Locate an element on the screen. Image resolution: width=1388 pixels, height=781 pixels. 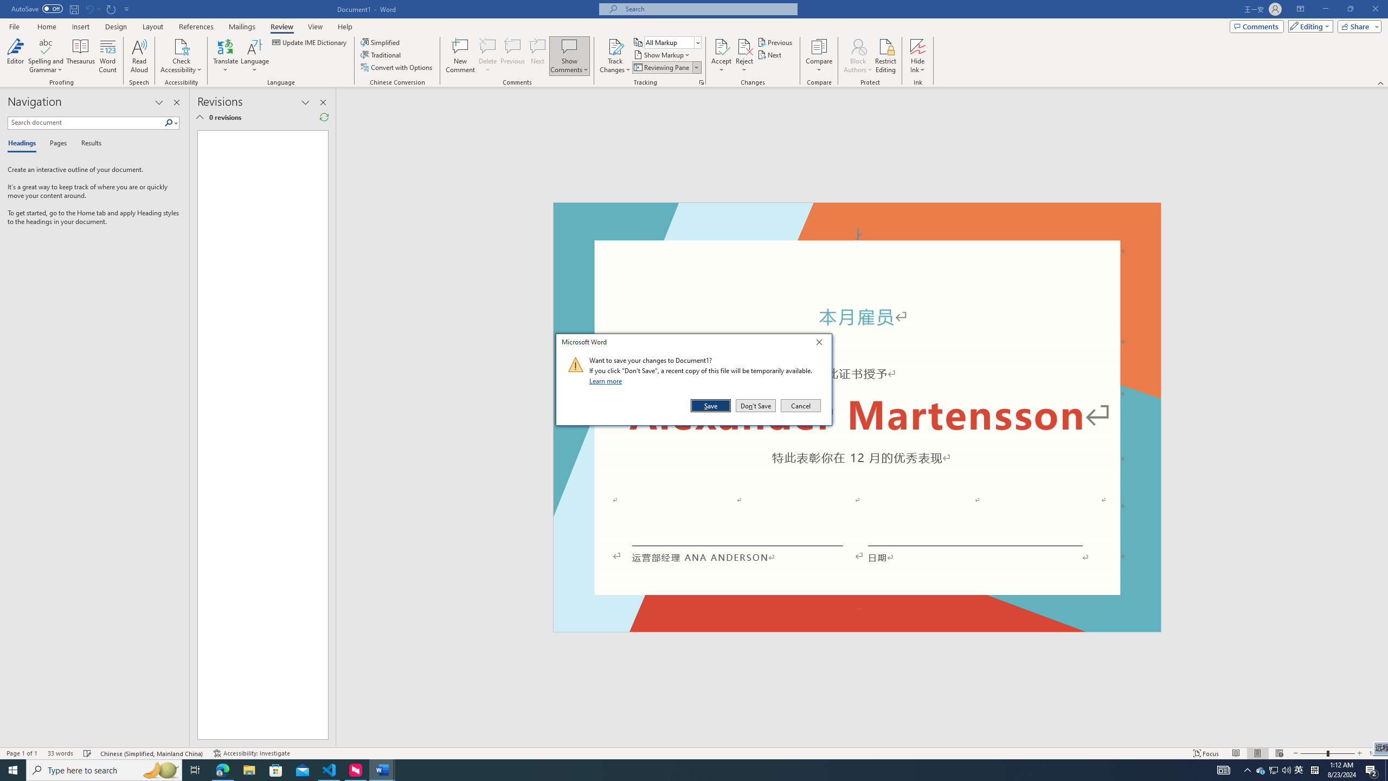
'Notification Chevron' is located at coordinates (1247, 769).